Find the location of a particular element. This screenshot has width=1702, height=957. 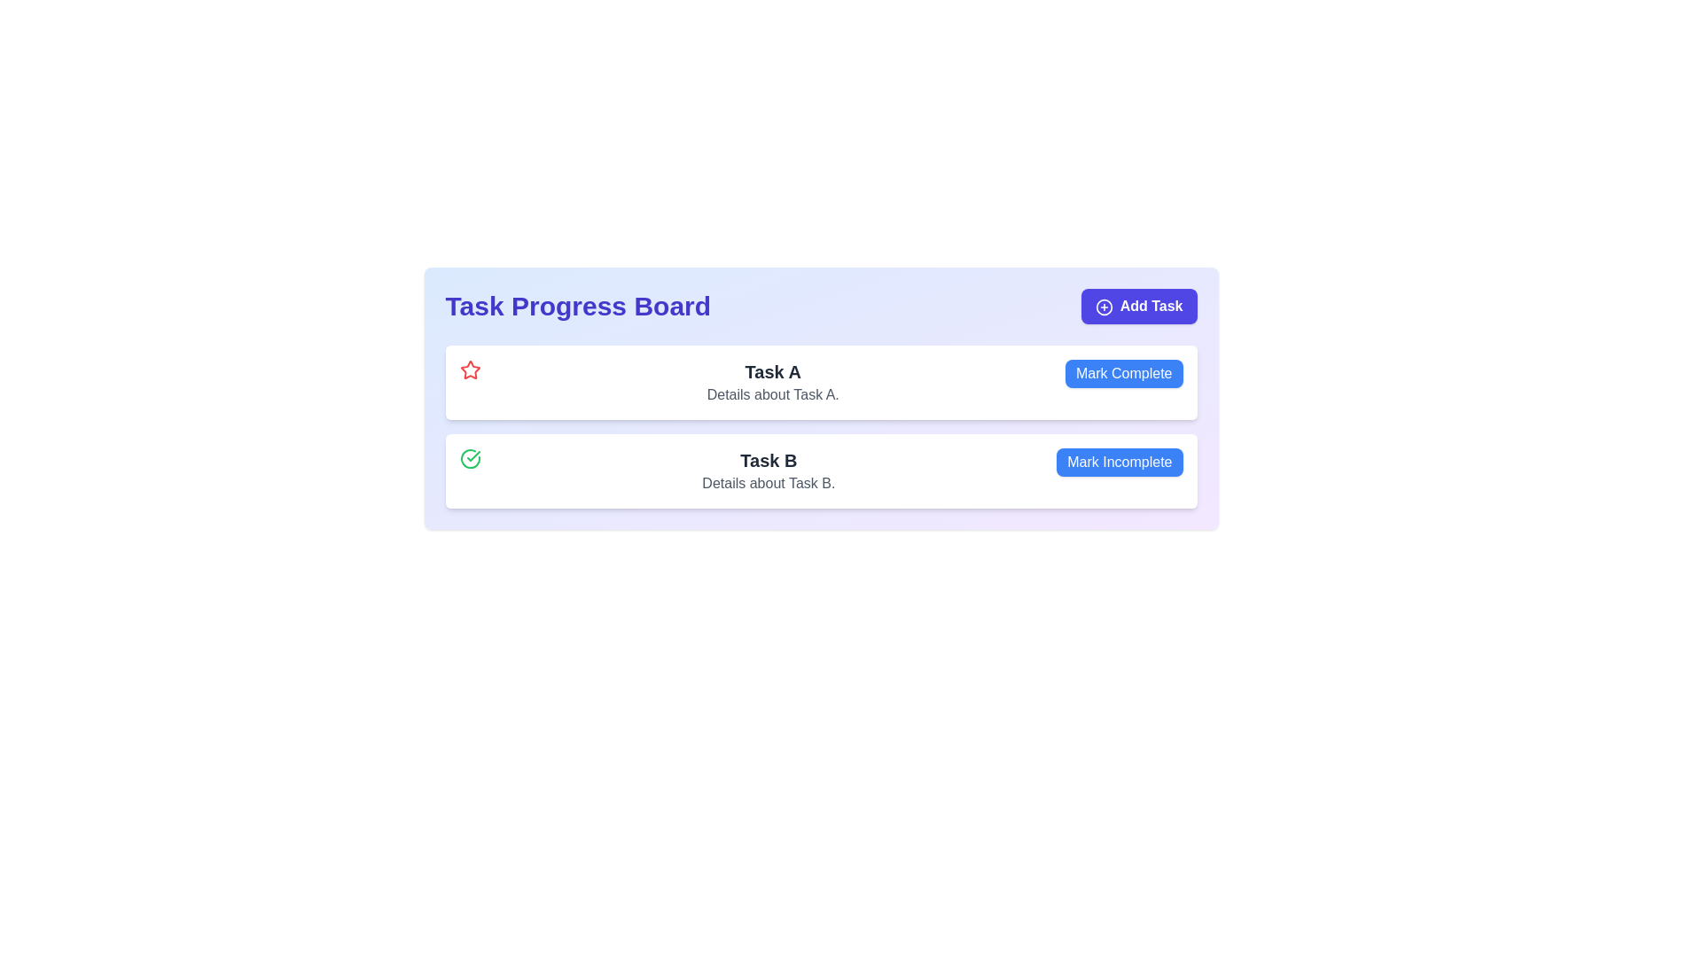

the text block that displays the title and description of a task item, which is positioned beneath another task element and adjacent to a 'Mark Incomplete' button is located at coordinates (769, 471).